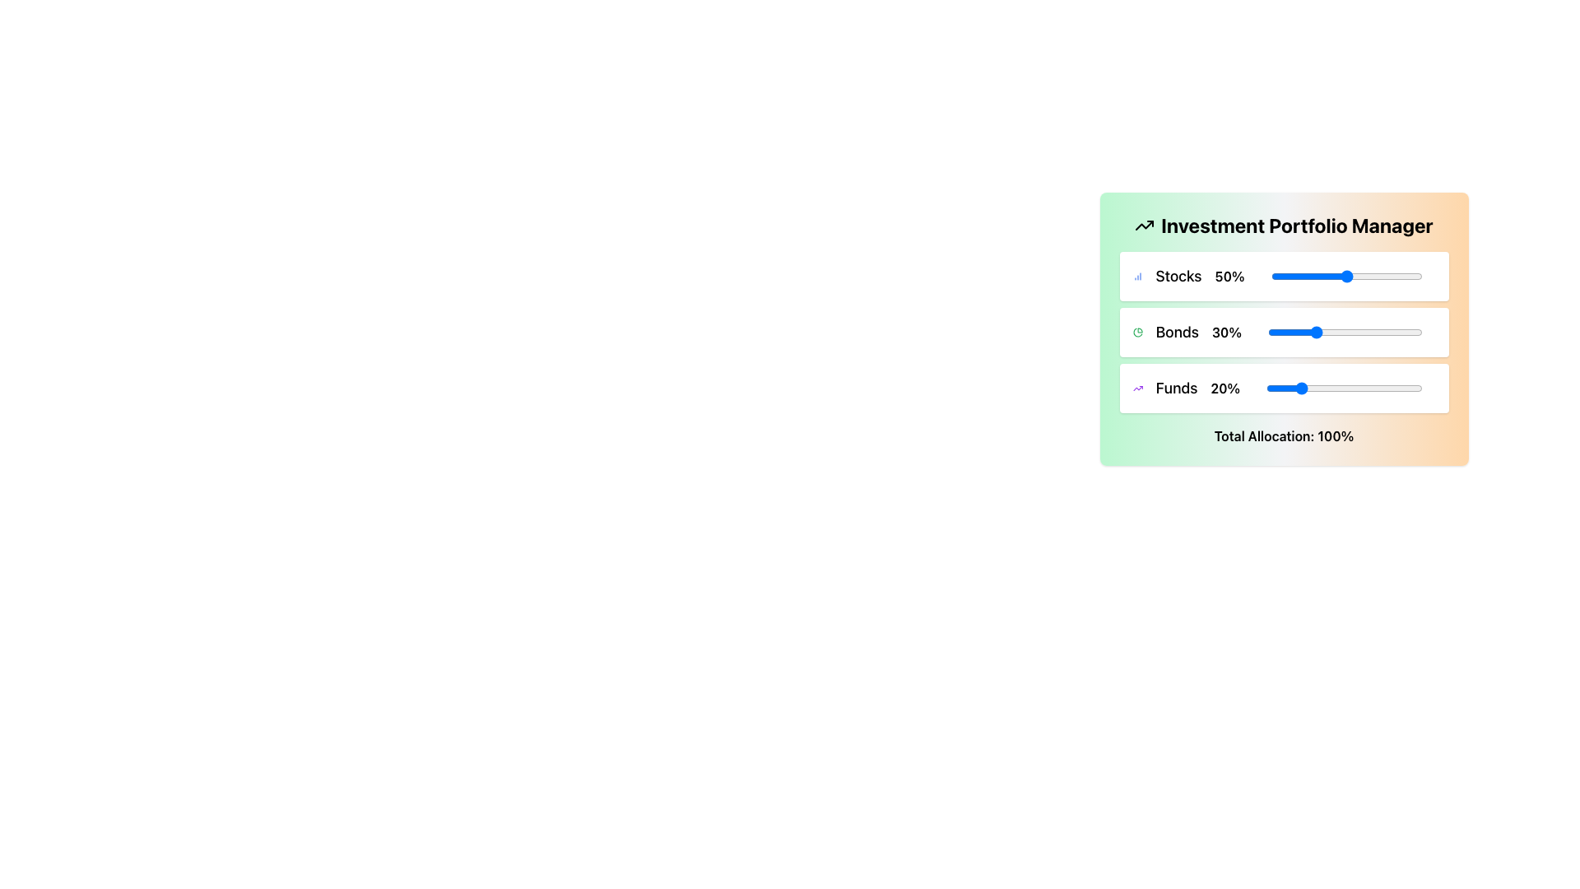  What do you see at coordinates (1283, 275) in the screenshot?
I see `the track of the slider input located on the white card labeled 'Stocks 50%' in the Investment Portfolio Manager interface to jump to a value` at bounding box center [1283, 275].